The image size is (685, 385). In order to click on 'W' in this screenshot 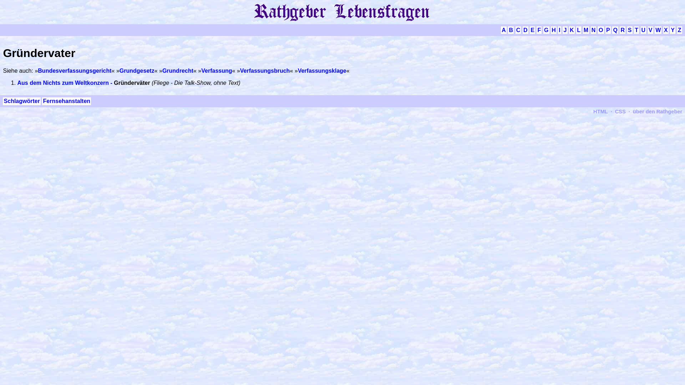, I will do `click(658, 30)`.